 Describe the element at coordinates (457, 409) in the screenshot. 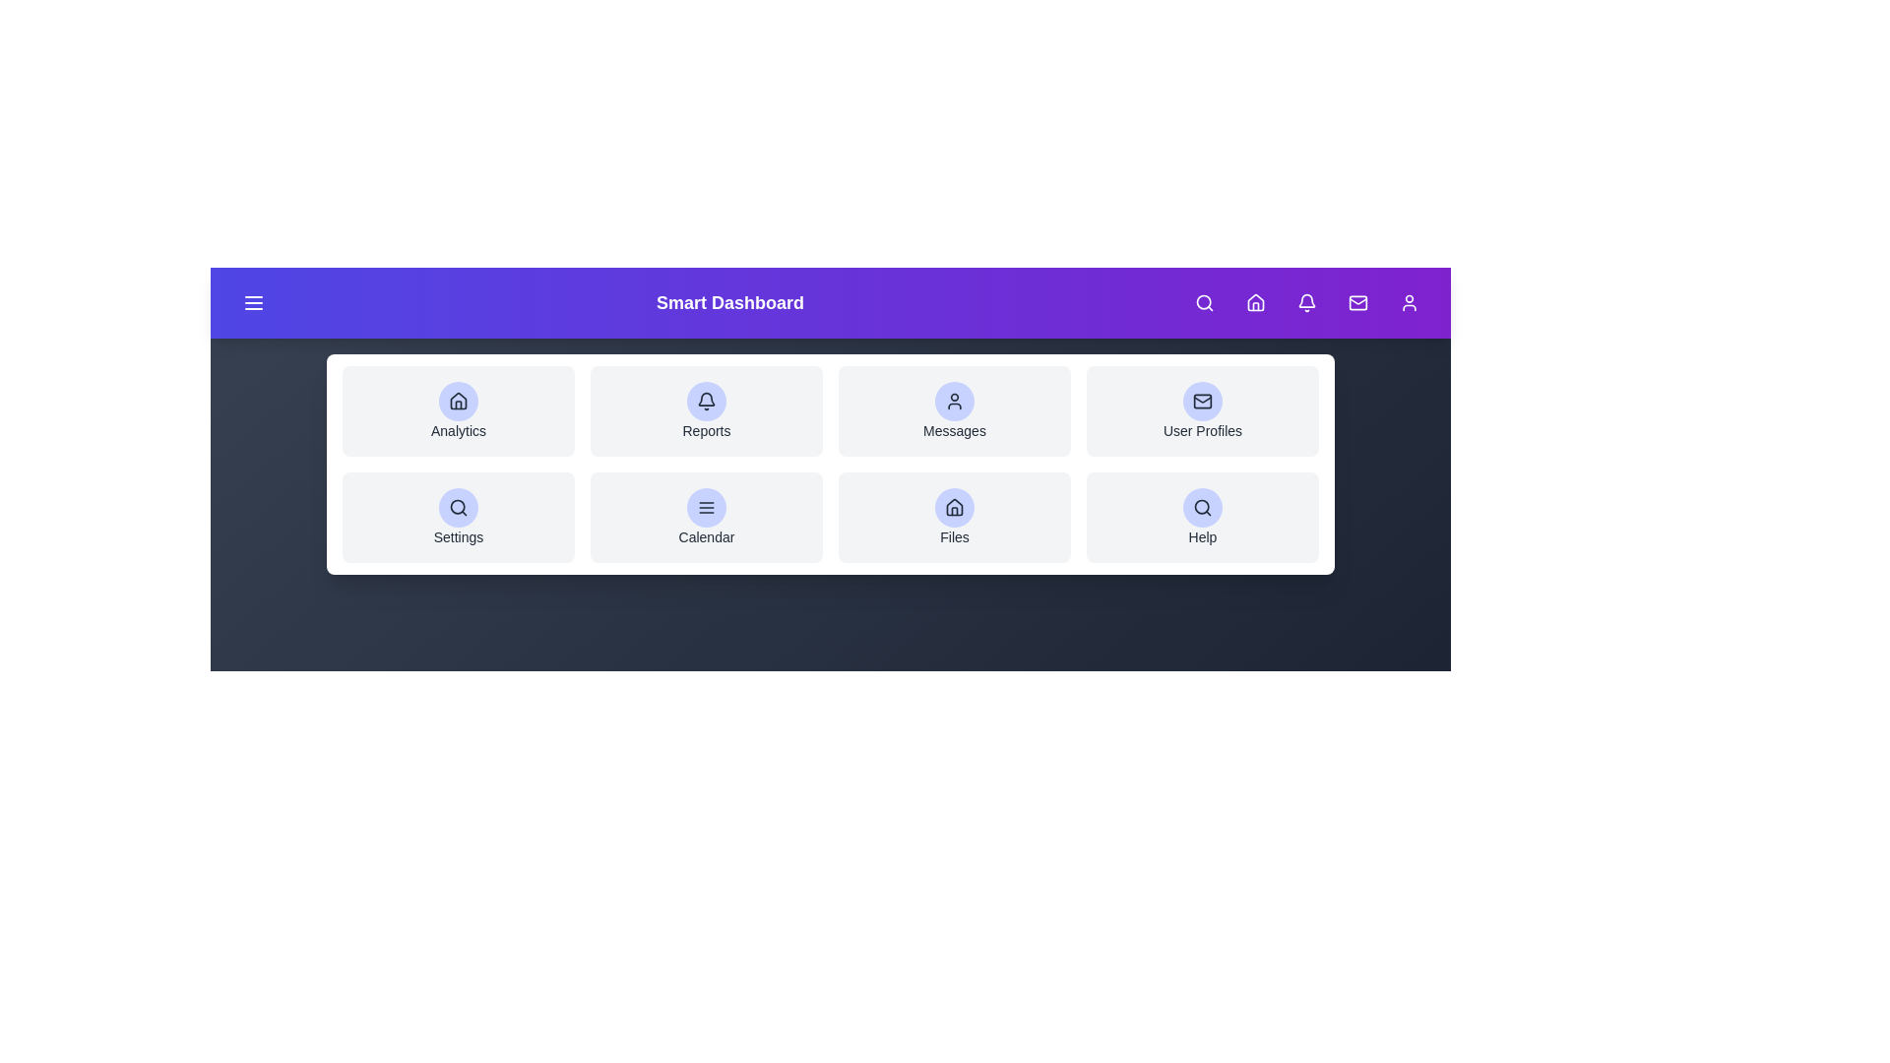

I see `the element labeled Analytics to observe its hover effect` at that location.